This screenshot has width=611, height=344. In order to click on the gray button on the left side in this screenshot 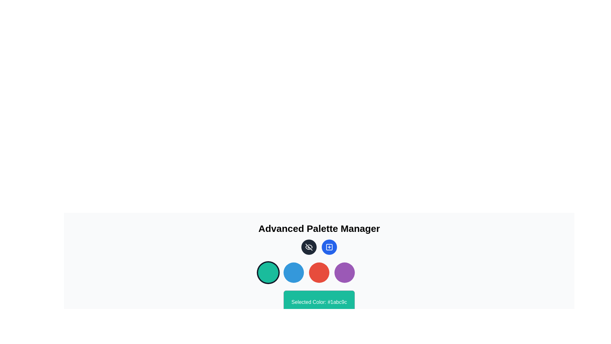, I will do `click(309, 247)`.